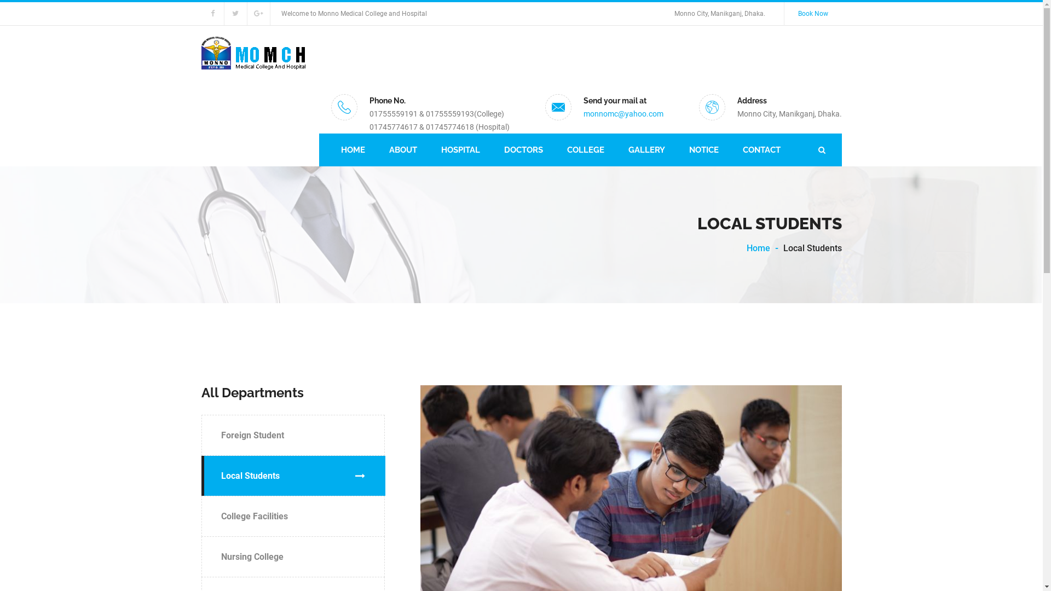 This screenshot has height=591, width=1051. Describe the element at coordinates (352, 149) in the screenshot. I see `'HOME'` at that location.